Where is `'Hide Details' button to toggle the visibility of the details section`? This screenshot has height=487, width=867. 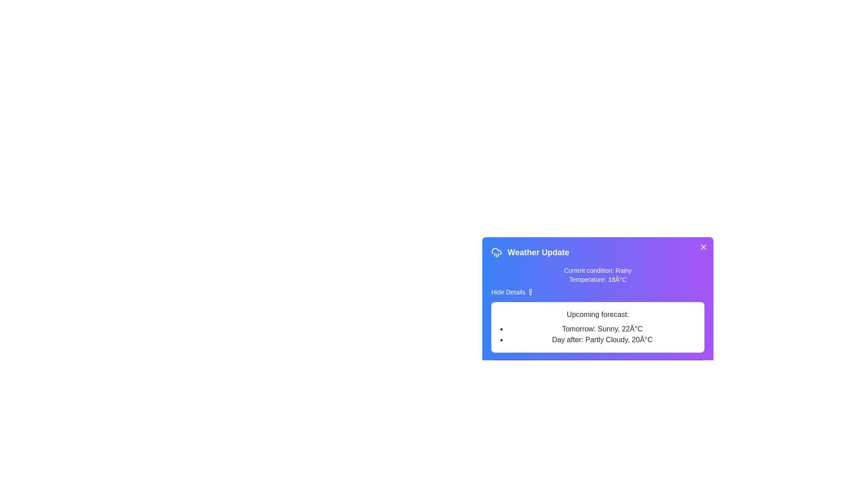 'Hide Details' button to toggle the visibility of the details section is located at coordinates (513, 292).